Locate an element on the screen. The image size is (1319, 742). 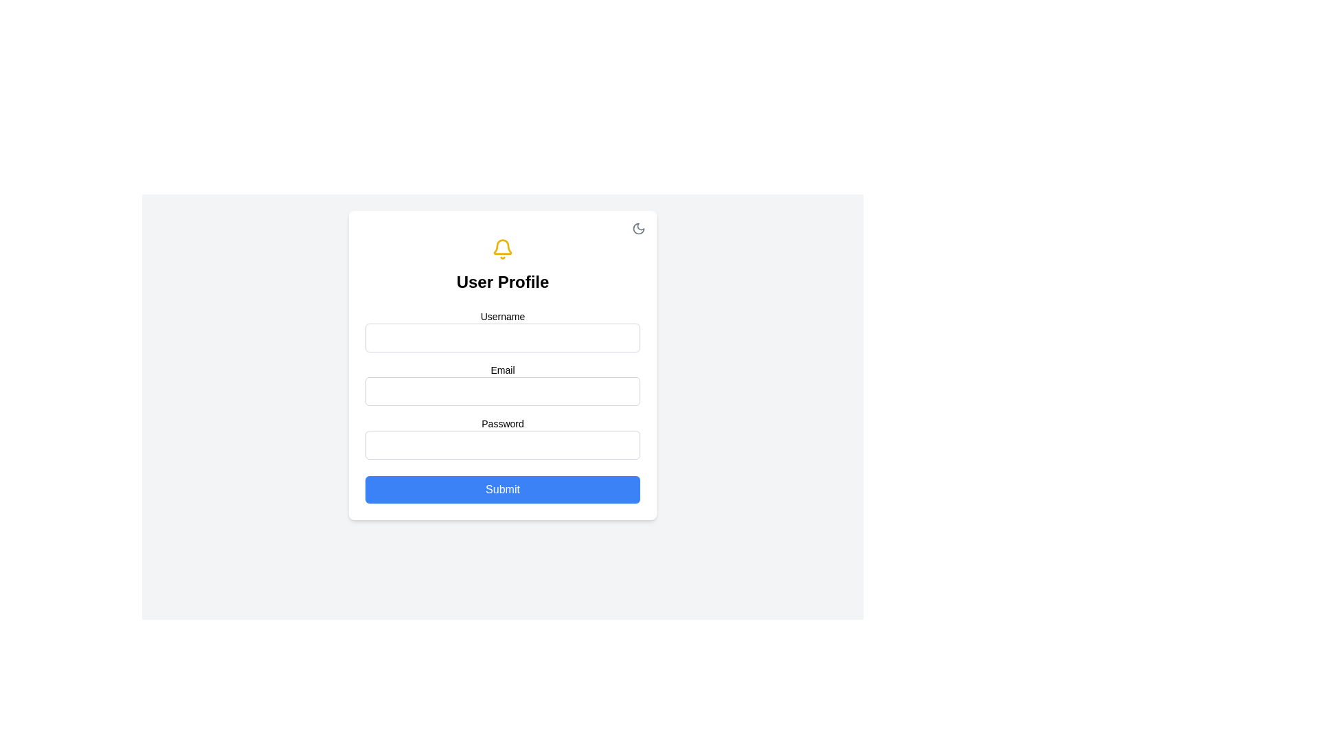
the bell icon, which serves as a notification indicator is located at coordinates (501, 249).